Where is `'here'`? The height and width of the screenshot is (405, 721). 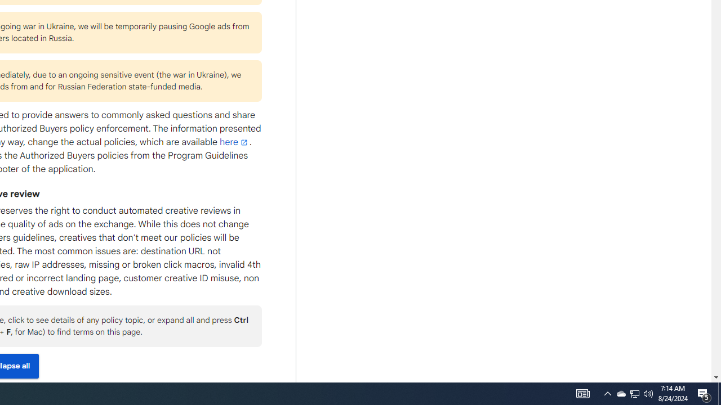
'here' is located at coordinates (234, 142).